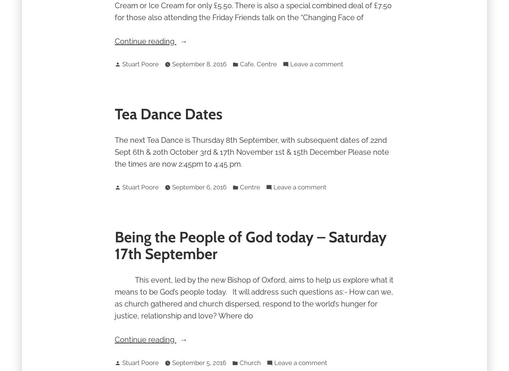 The width and height of the screenshot is (509, 371). Describe the element at coordinates (250, 244) in the screenshot. I see `'Being the People of God today – Saturday 17th September'` at that location.